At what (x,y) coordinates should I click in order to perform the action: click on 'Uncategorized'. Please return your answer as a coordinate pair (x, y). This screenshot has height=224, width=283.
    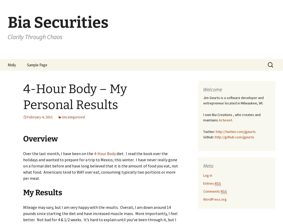
    Looking at the image, I should click on (73, 117).